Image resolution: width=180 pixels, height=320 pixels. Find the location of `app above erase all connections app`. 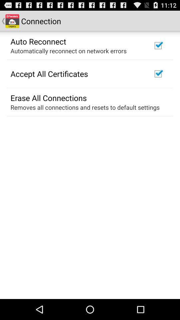

app above erase all connections app is located at coordinates (49, 74).